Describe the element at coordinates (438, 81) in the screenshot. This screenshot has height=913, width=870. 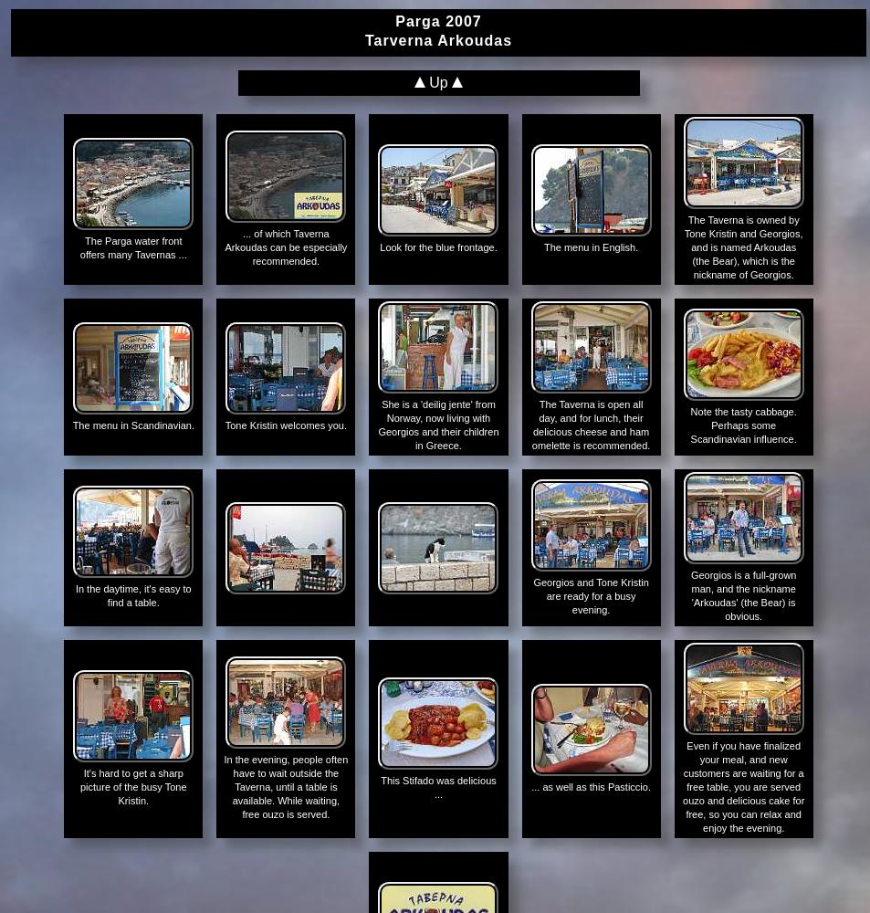
I see `'Up'` at that location.